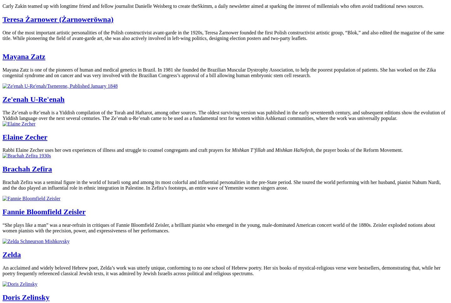  I want to click on 'Rabbi Elaine Zecher uses her own experiences of illness and struggle to counsel congregants and craft prayers for', so click(117, 150).